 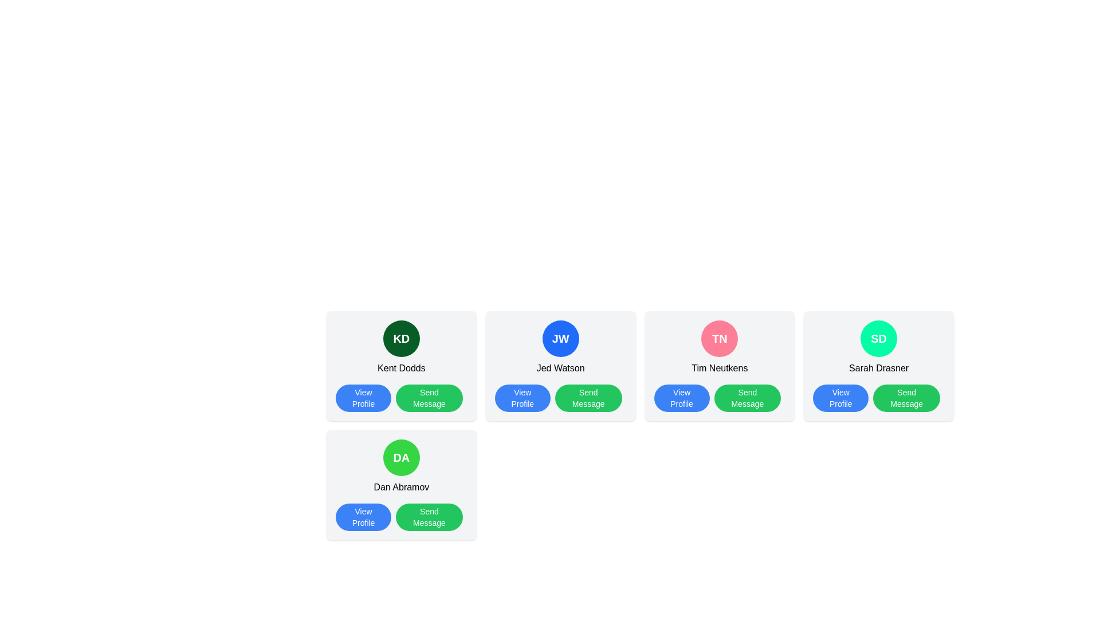 I want to click on the green 'Send Message' button, which is the second button located to the right of the 'View Profile' button in the user card, to change its color, so click(x=906, y=397).